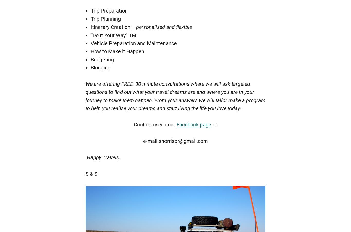 Image resolution: width=351 pixels, height=232 pixels. Describe the element at coordinates (91, 173) in the screenshot. I see `'S & S'` at that location.